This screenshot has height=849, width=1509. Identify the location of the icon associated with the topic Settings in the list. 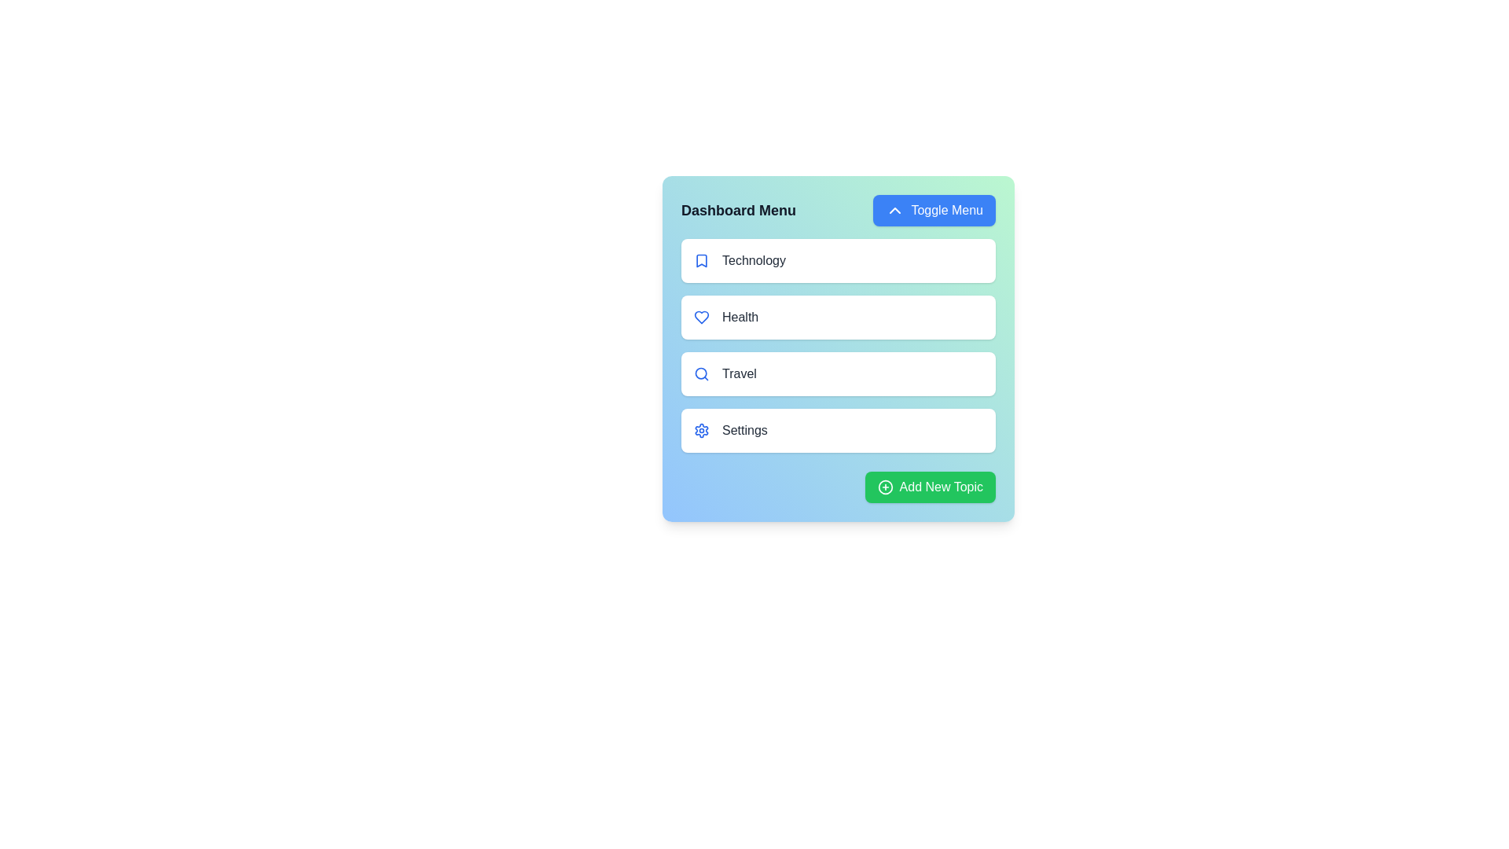
(700, 430).